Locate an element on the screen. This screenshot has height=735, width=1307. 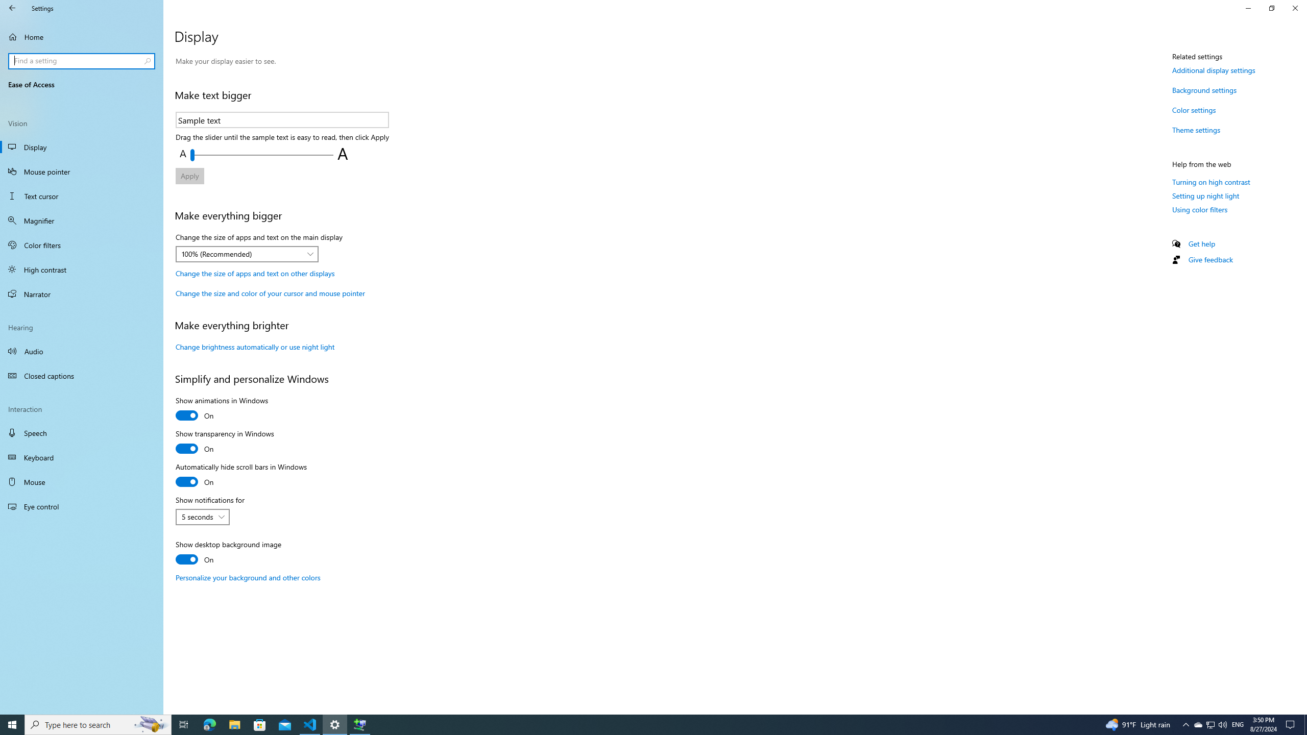
'Background settings' is located at coordinates (1204, 90).